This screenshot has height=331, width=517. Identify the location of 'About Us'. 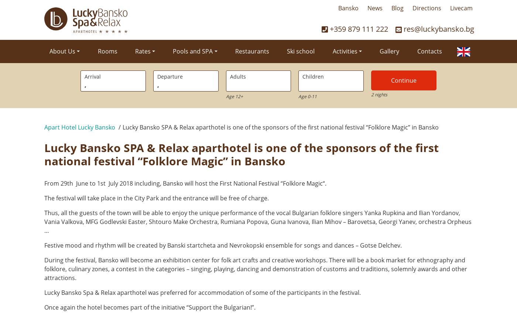
(62, 51).